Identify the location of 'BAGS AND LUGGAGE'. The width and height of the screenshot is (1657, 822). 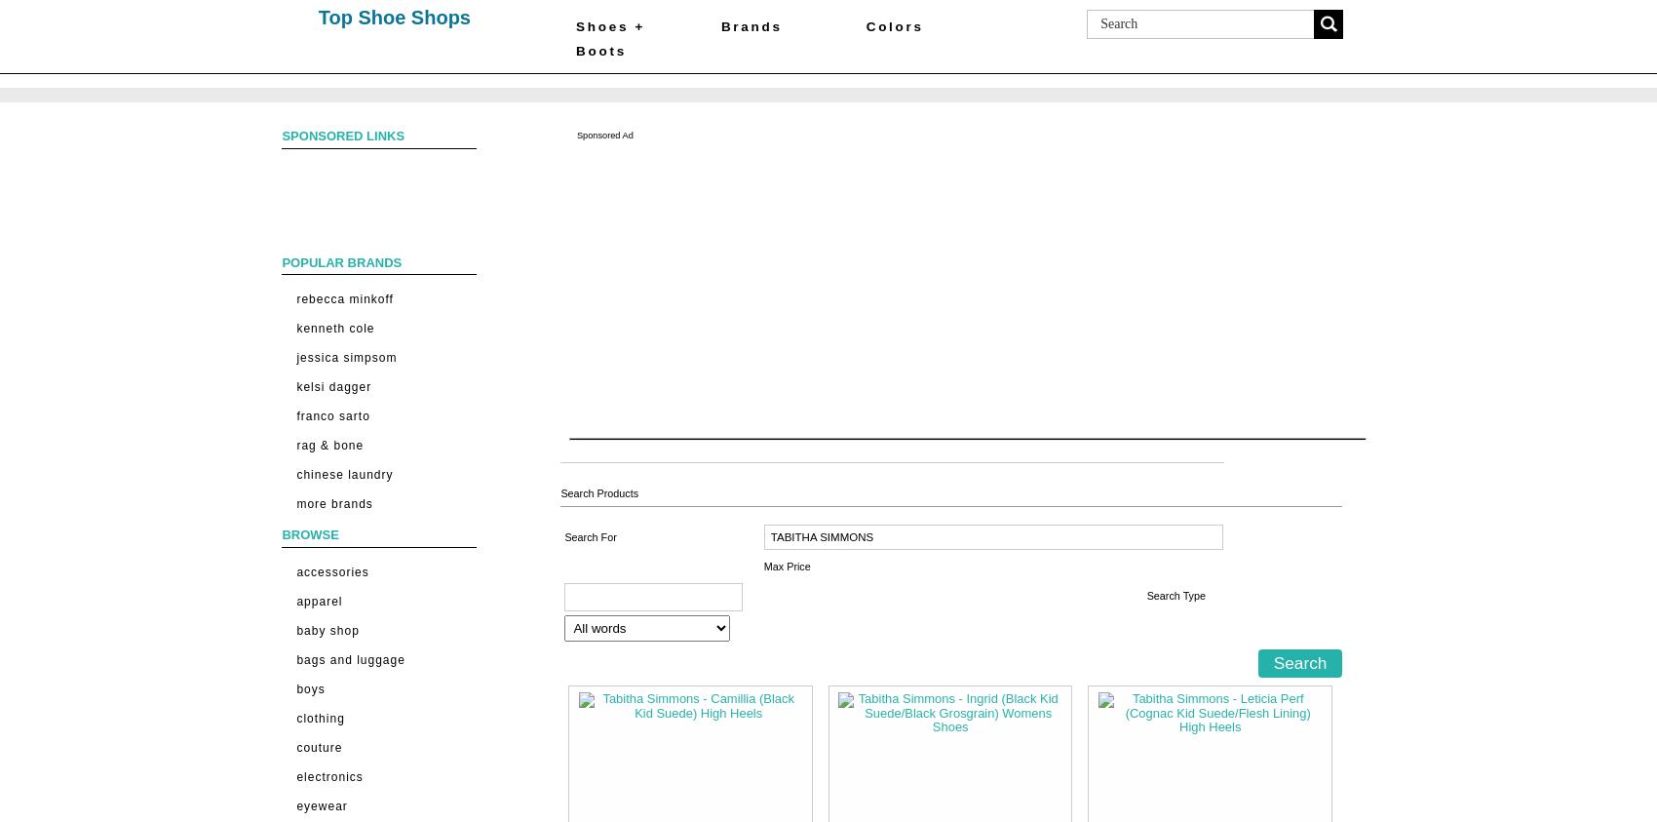
(349, 658).